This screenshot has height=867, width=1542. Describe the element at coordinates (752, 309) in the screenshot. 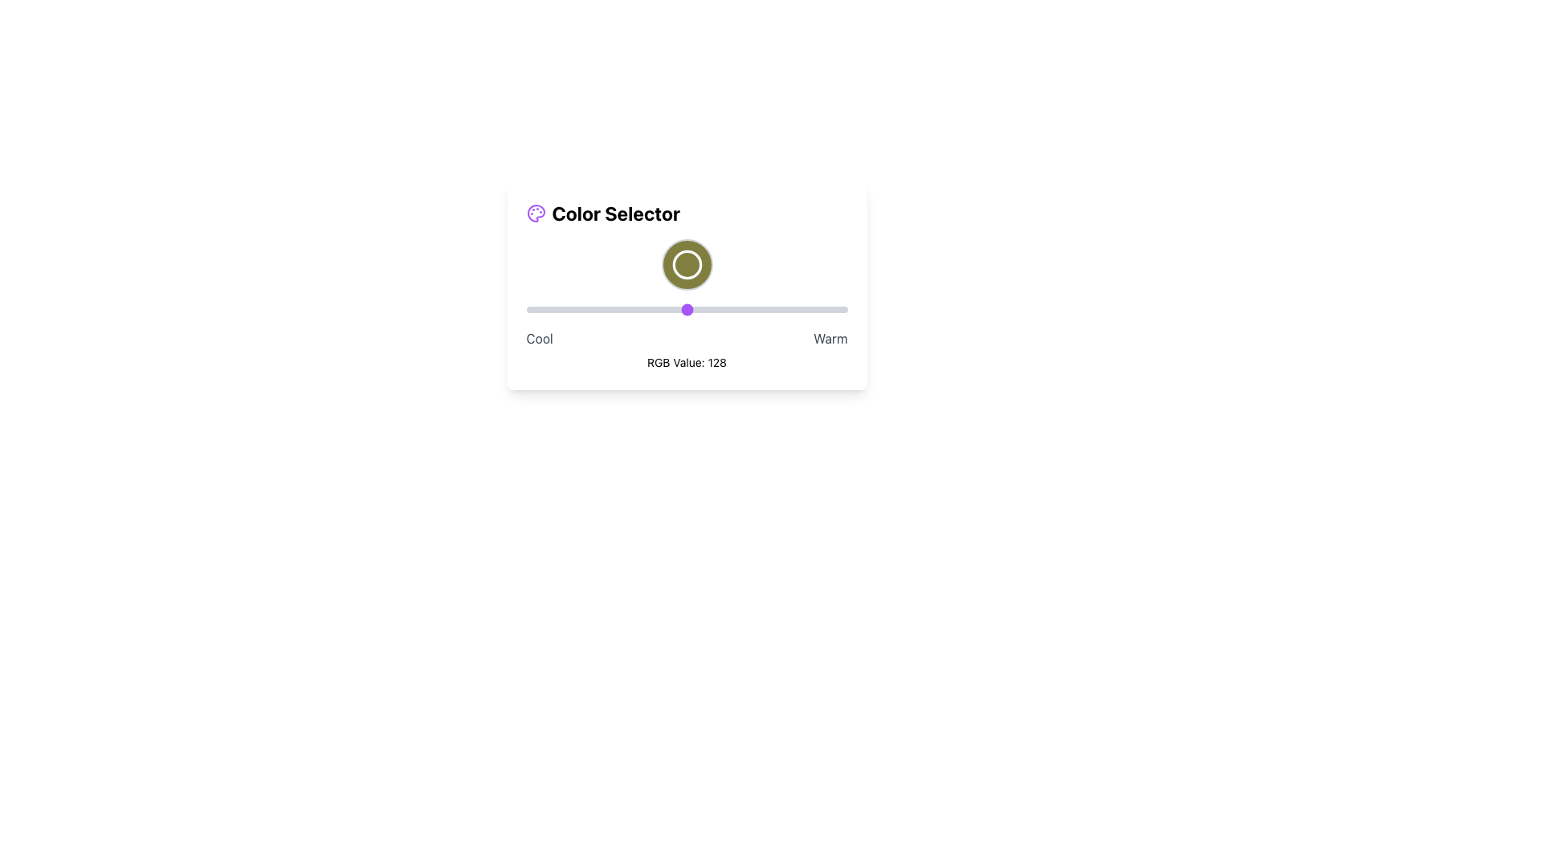

I see `the color selector` at that location.